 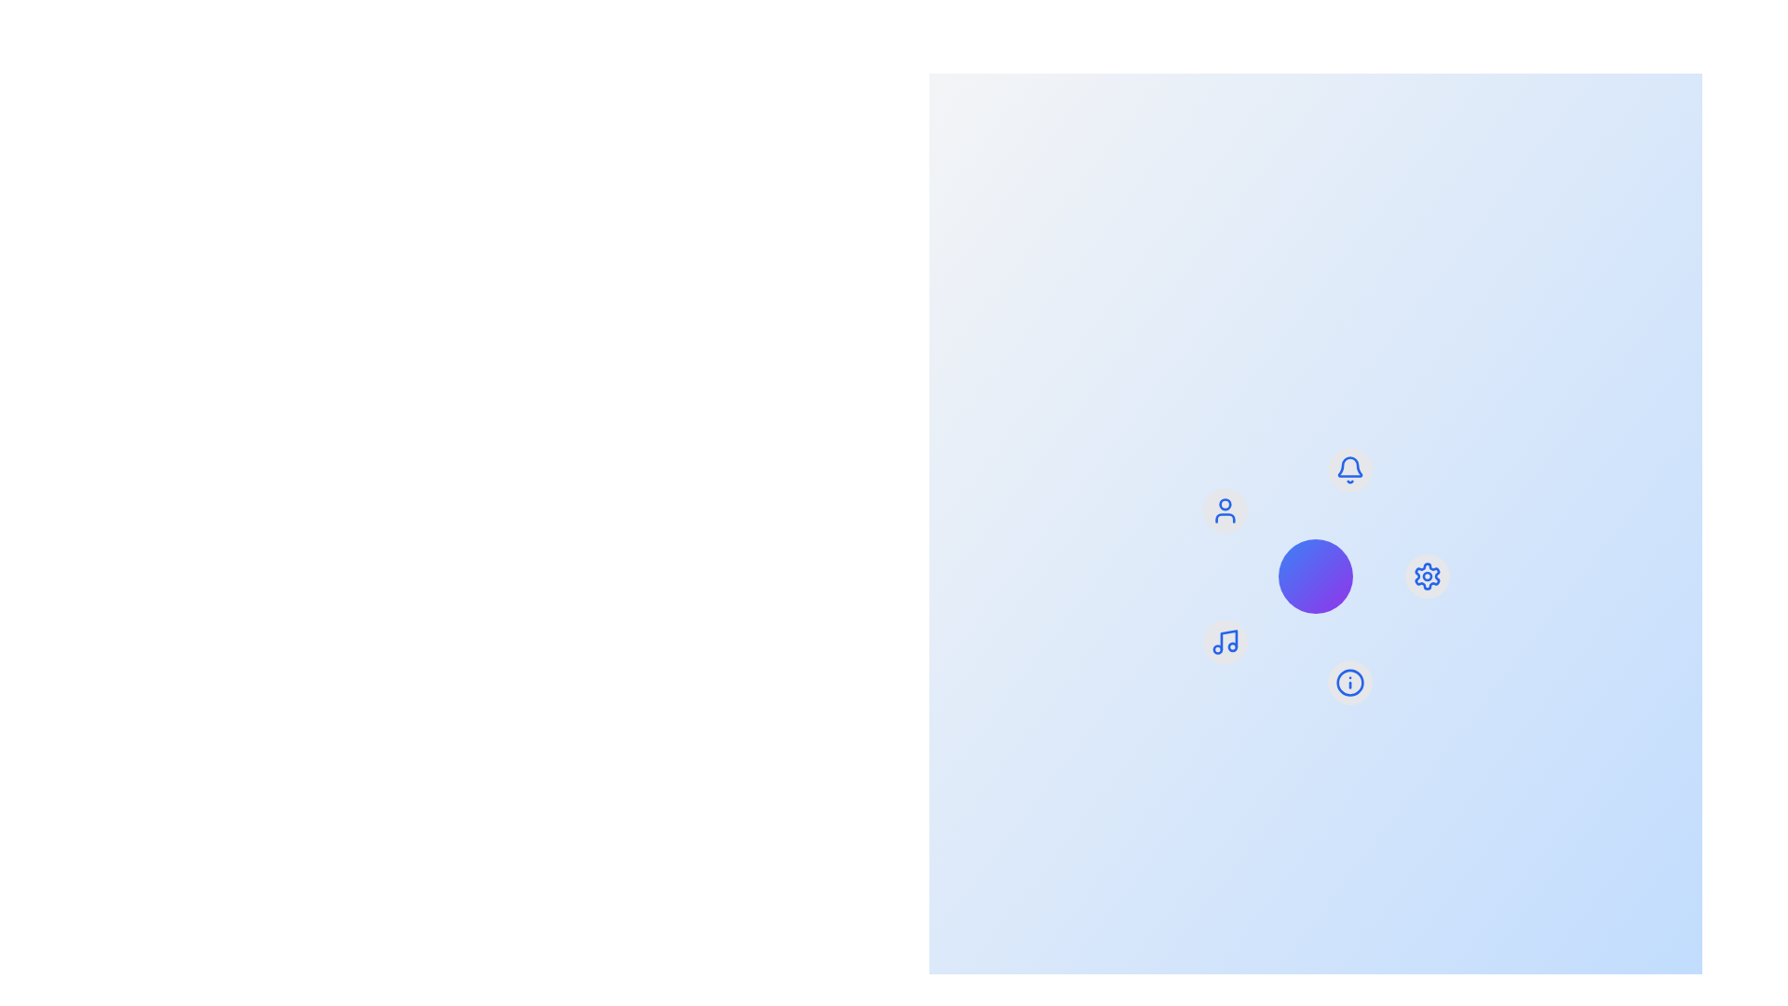 What do you see at coordinates (1225, 641) in the screenshot?
I see `the menu item labeled Music by clicking its corresponding icon` at bounding box center [1225, 641].